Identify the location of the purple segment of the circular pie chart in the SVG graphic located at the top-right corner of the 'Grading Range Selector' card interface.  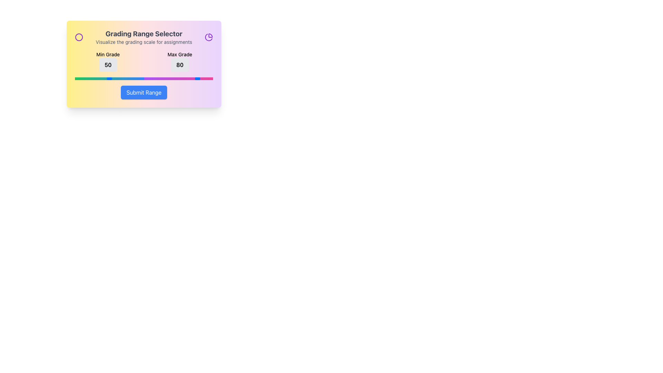
(208, 37).